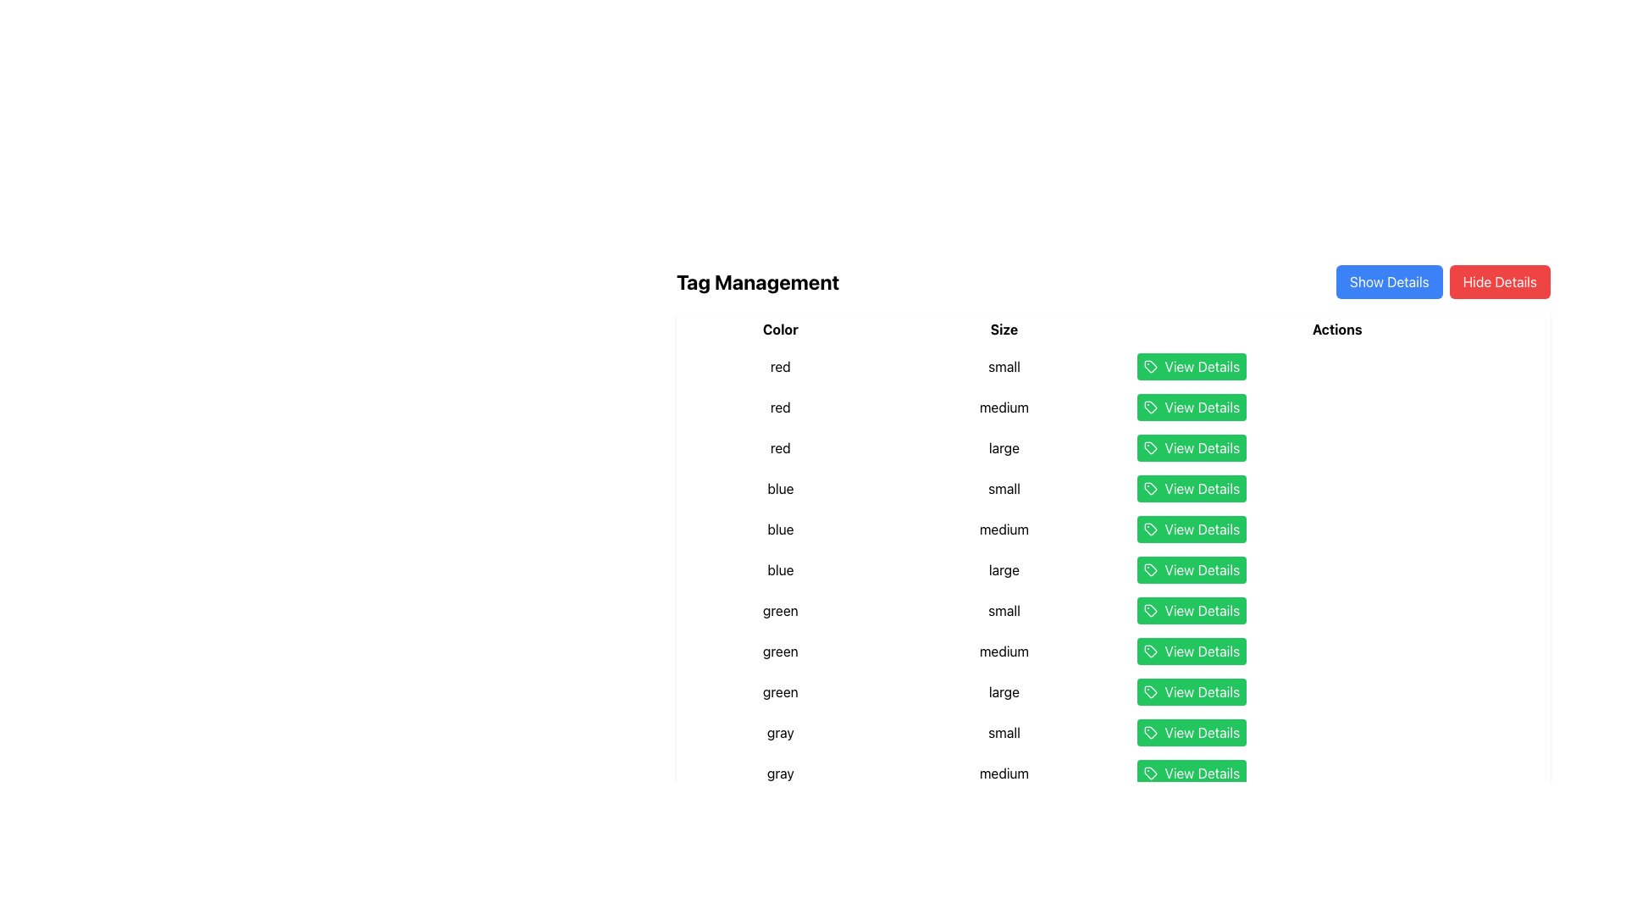 Image resolution: width=1626 pixels, height=915 pixels. Describe the element at coordinates (1389, 280) in the screenshot. I see `the 'Show Details' button located on the right side of the interface, adjacent to the 'Tag Management' header` at that location.